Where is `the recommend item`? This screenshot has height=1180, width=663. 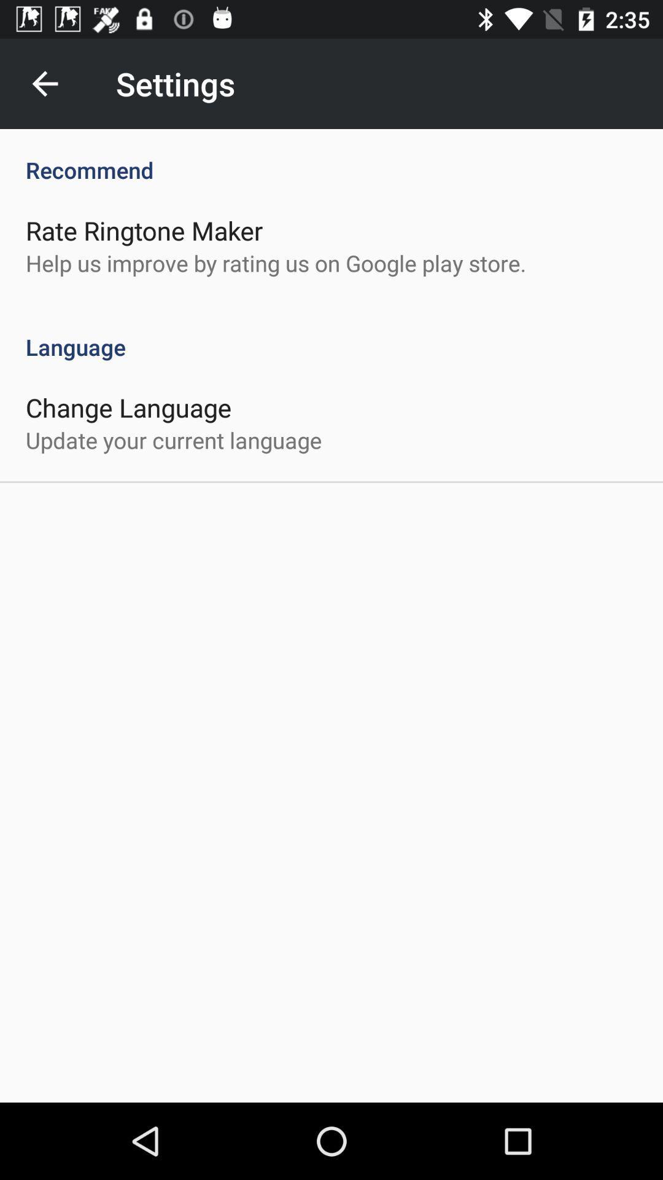
the recommend item is located at coordinates (331, 156).